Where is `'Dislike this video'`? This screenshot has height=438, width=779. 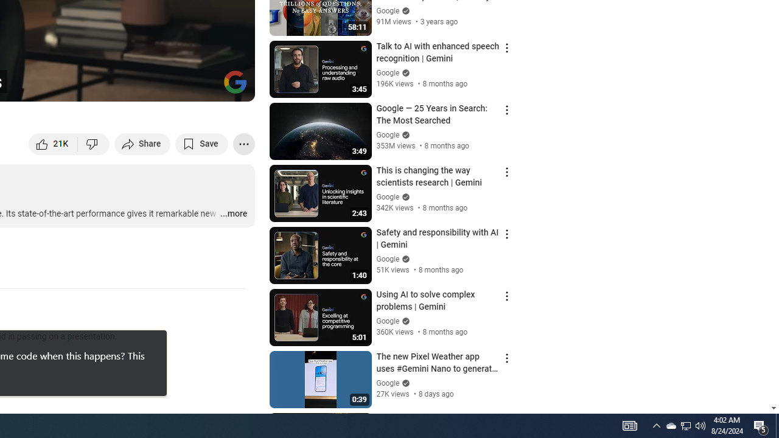 'Dislike this video' is located at coordinates (93, 143).